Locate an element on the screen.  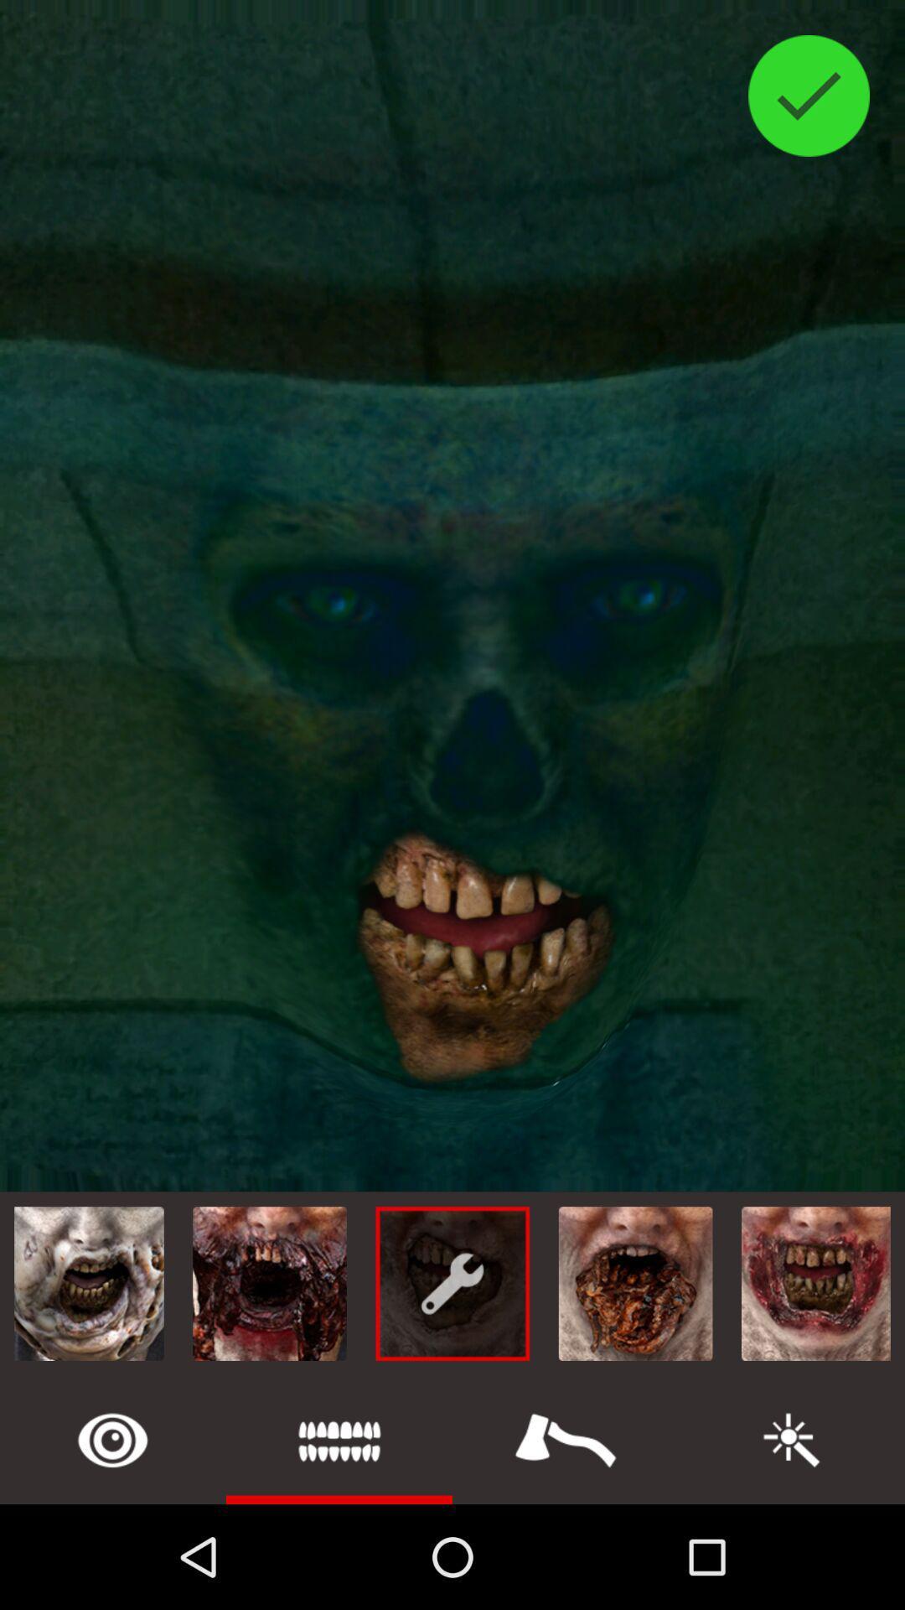
the check icon is located at coordinates (808, 95).